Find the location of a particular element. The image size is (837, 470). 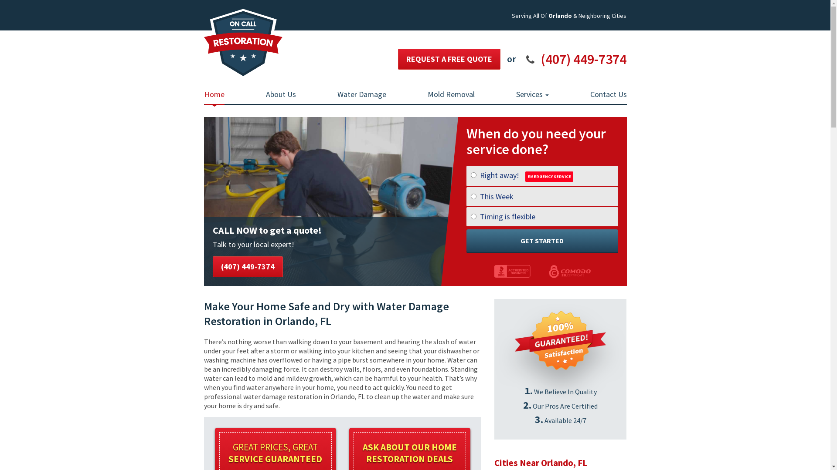

'GET STARTED' is located at coordinates (541, 240).